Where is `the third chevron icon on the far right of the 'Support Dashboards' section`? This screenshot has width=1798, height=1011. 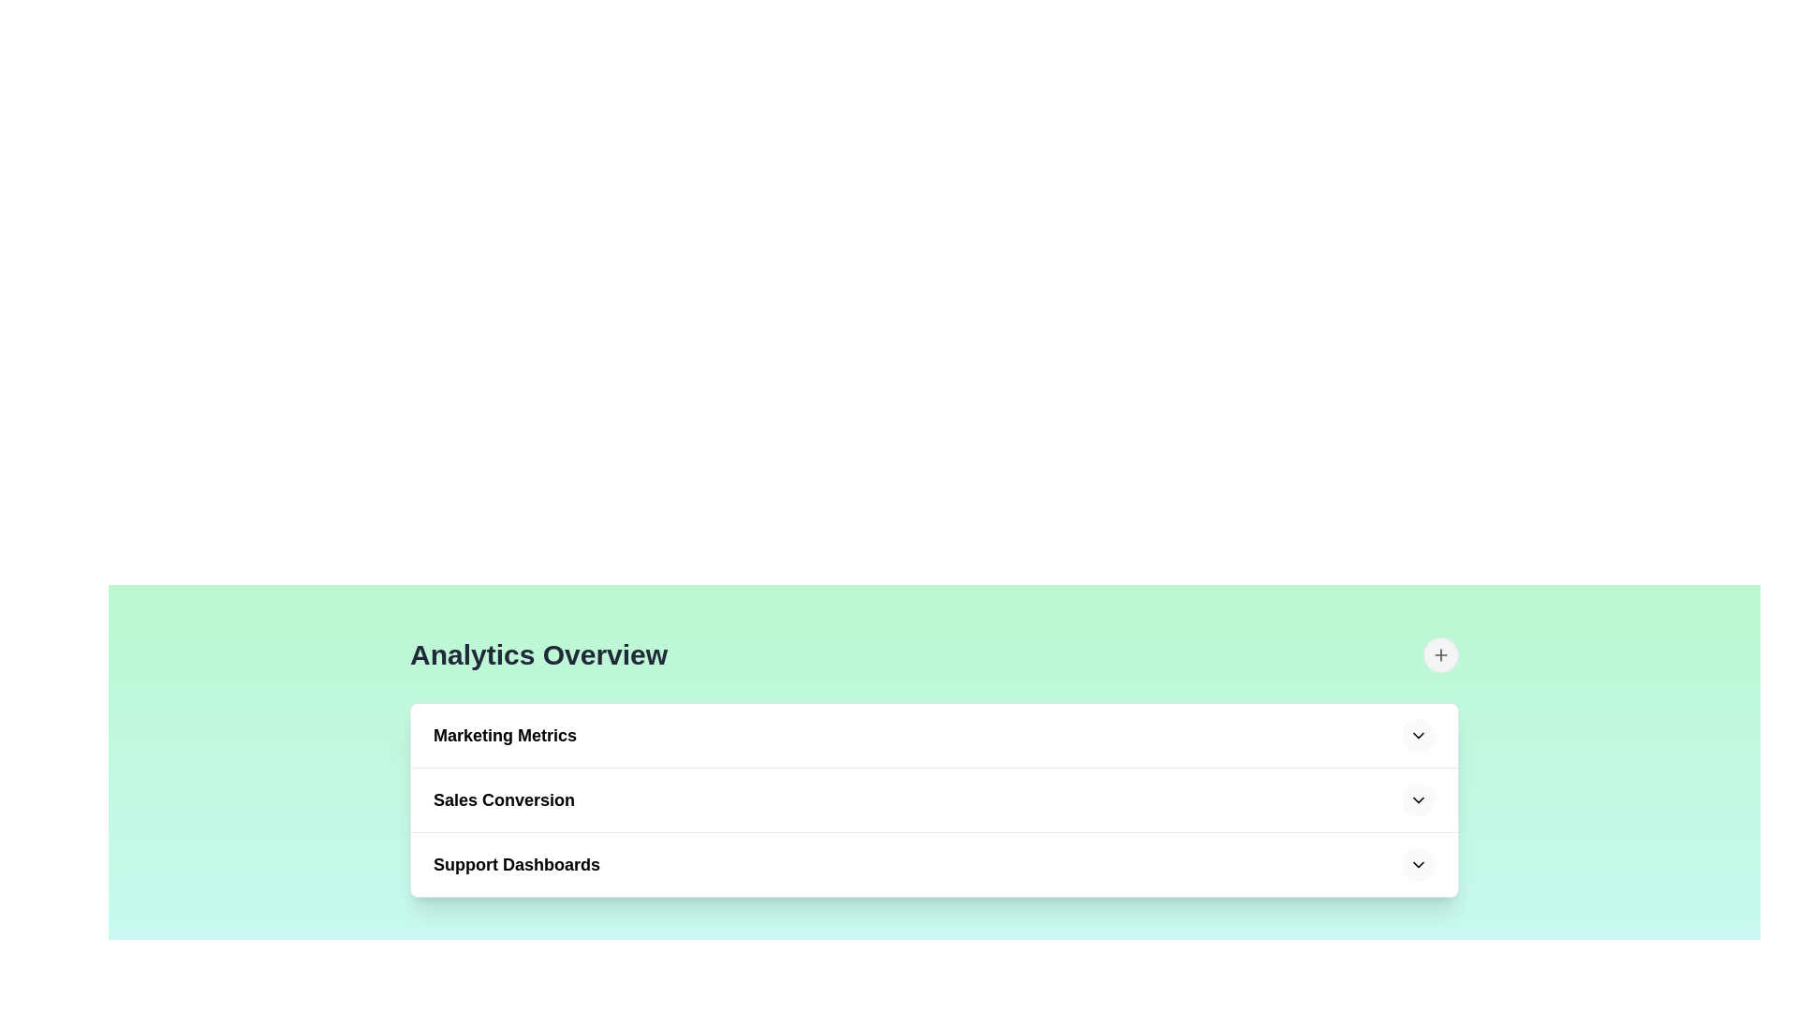 the third chevron icon on the far right of the 'Support Dashboards' section is located at coordinates (1419, 865).